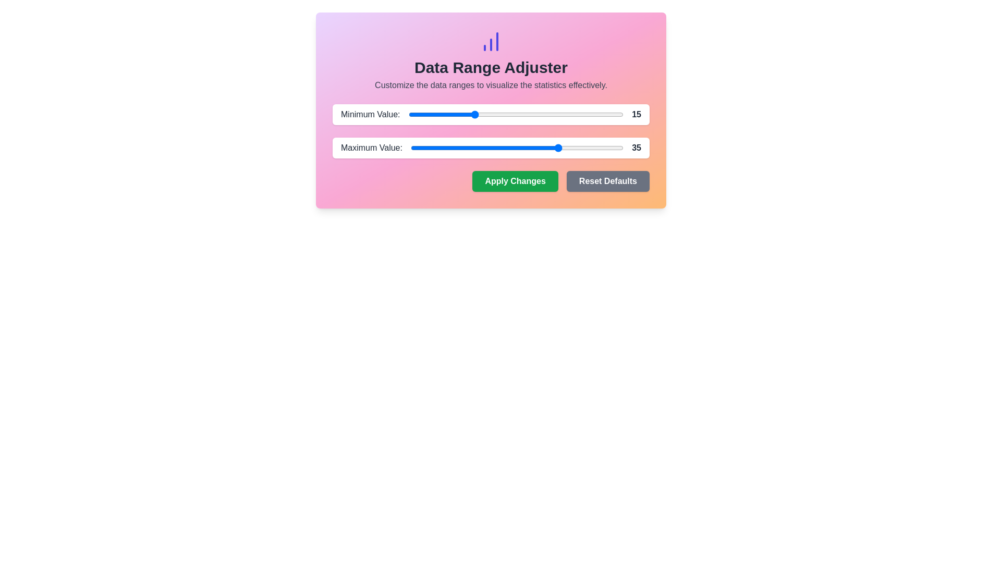 The width and height of the screenshot is (1001, 563). I want to click on the slider to set the range value to 25, so click(516, 114).